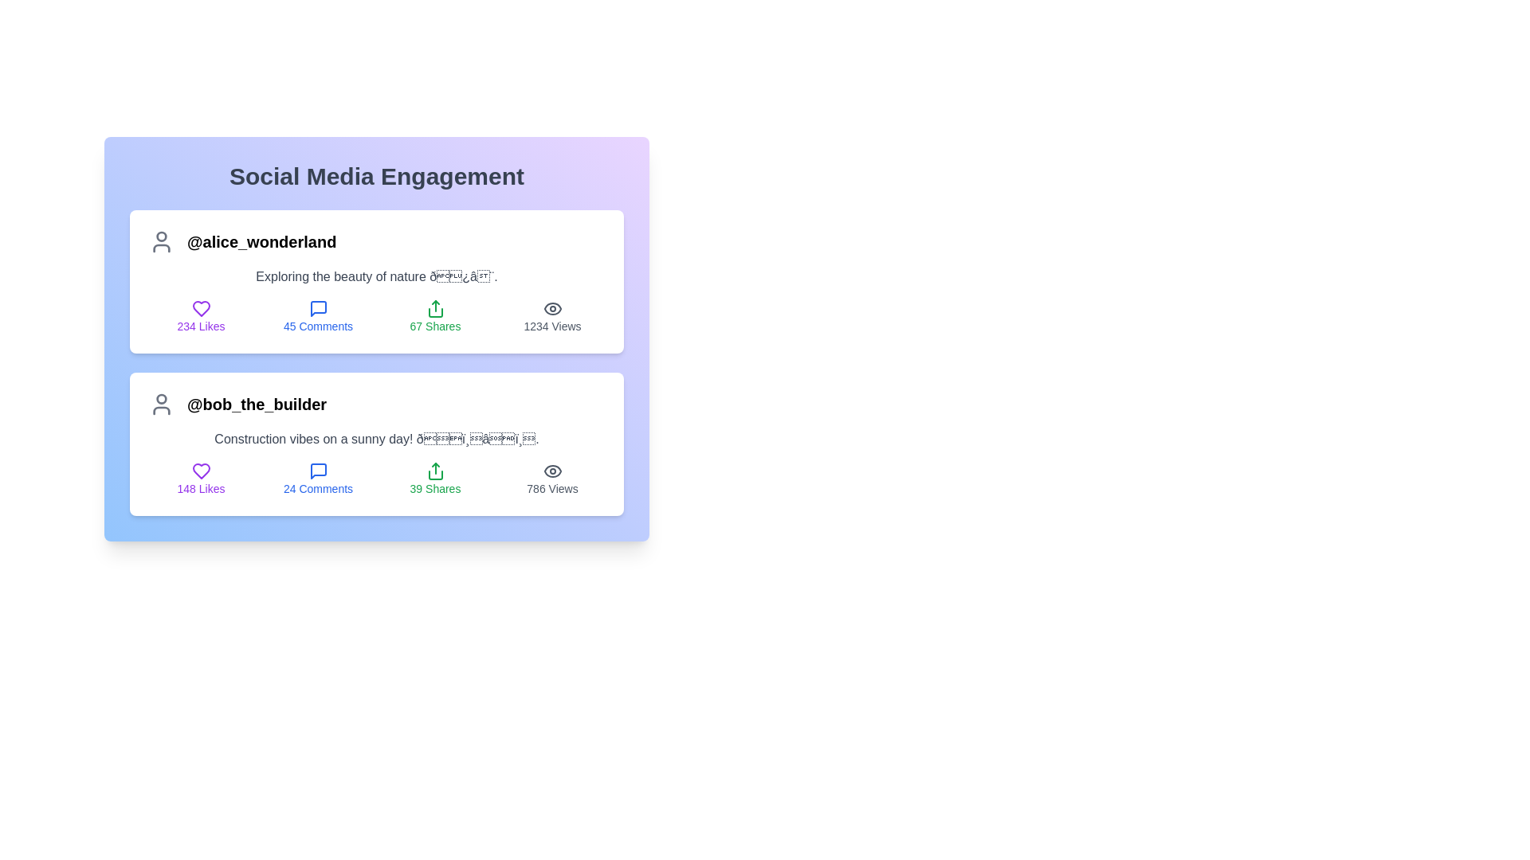  What do you see at coordinates (318, 316) in the screenshot?
I see `the text and icon button displaying '45 Comments', which is a speech bubble icon in blue color` at bounding box center [318, 316].